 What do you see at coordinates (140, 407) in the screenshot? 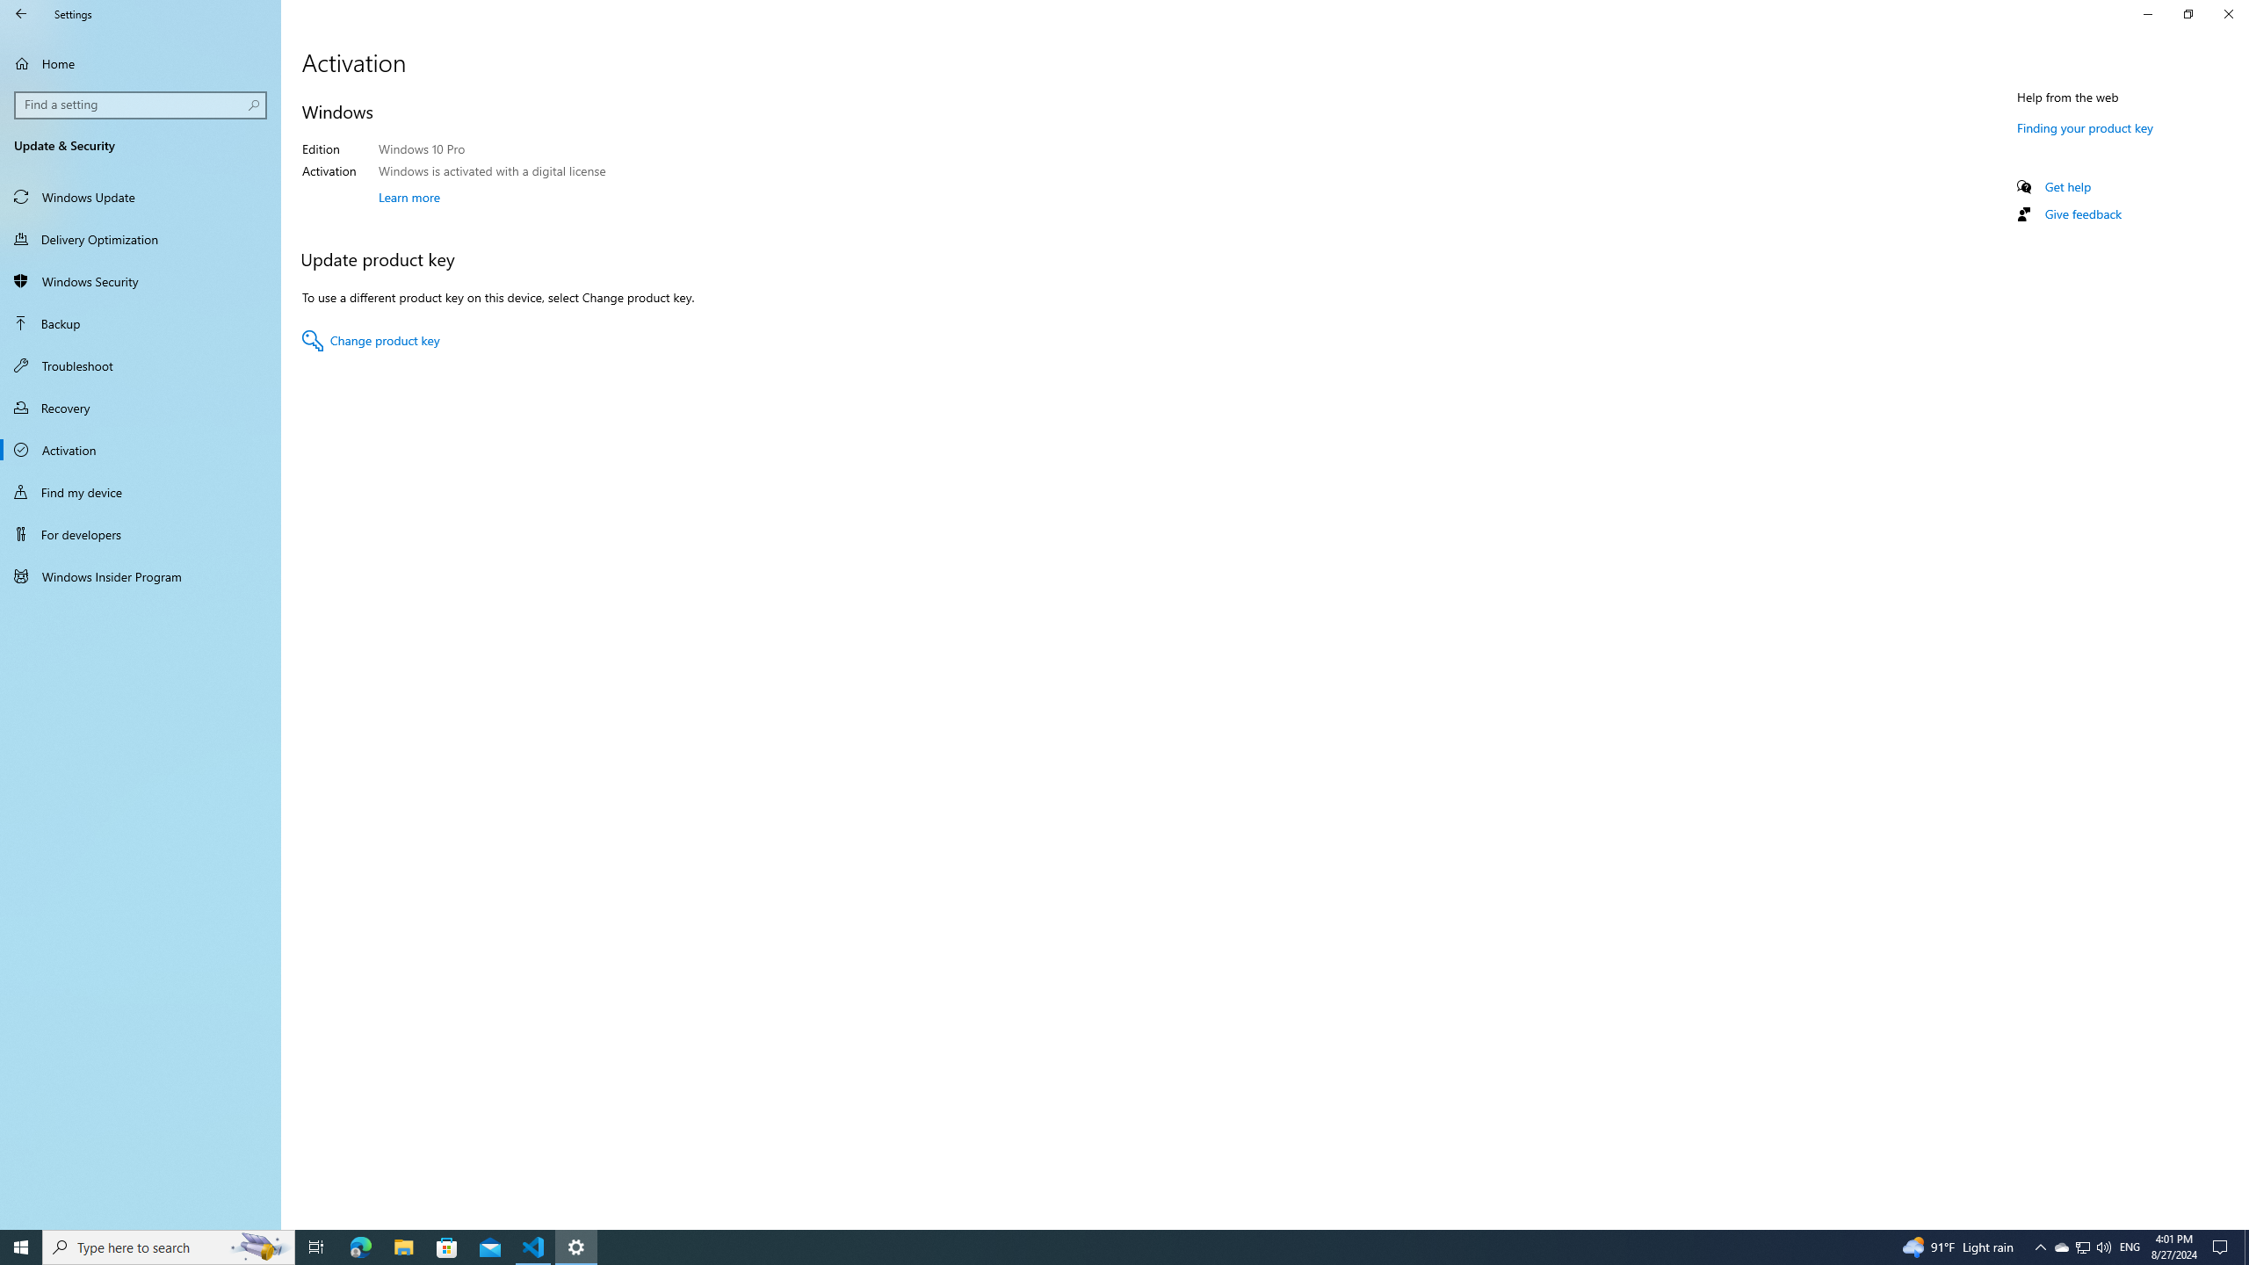
I see `'Recovery'` at bounding box center [140, 407].